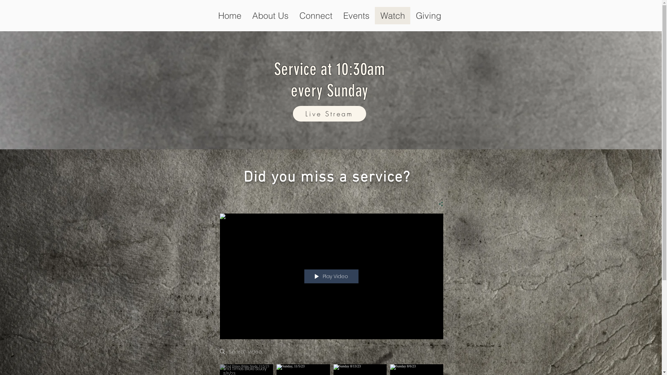 The image size is (667, 375). Describe the element at coordinates (356, 16) in the screenshot. I see `'Events'` at that location.